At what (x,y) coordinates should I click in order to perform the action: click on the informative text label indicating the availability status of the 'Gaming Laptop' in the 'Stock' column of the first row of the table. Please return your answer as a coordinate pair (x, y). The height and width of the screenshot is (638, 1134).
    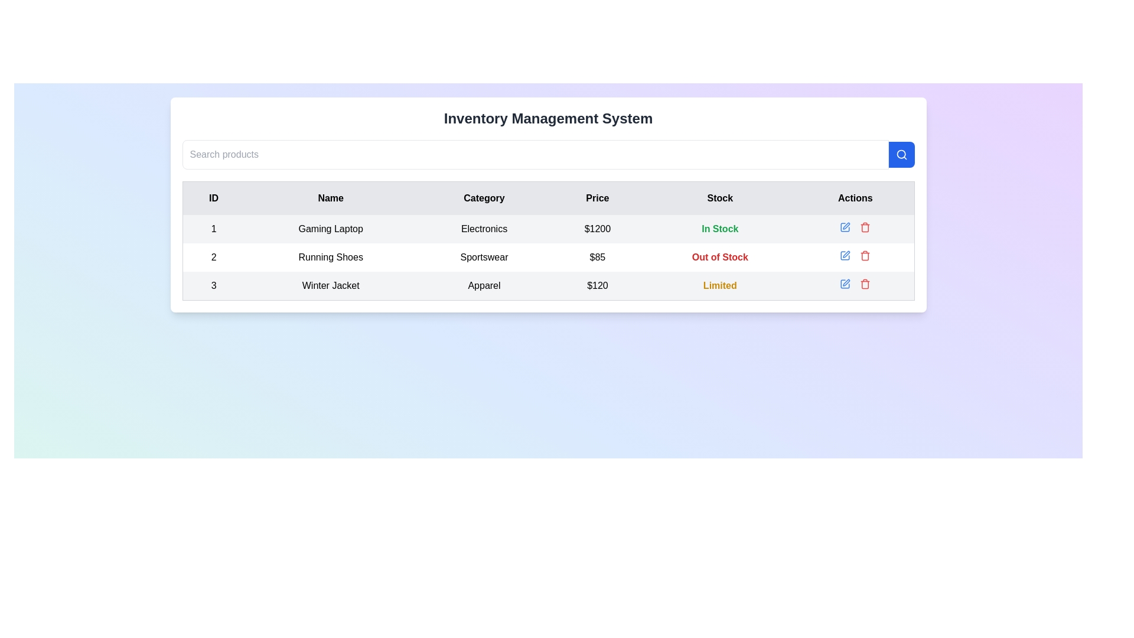
    Looking at the image, I should click on (719, 229).